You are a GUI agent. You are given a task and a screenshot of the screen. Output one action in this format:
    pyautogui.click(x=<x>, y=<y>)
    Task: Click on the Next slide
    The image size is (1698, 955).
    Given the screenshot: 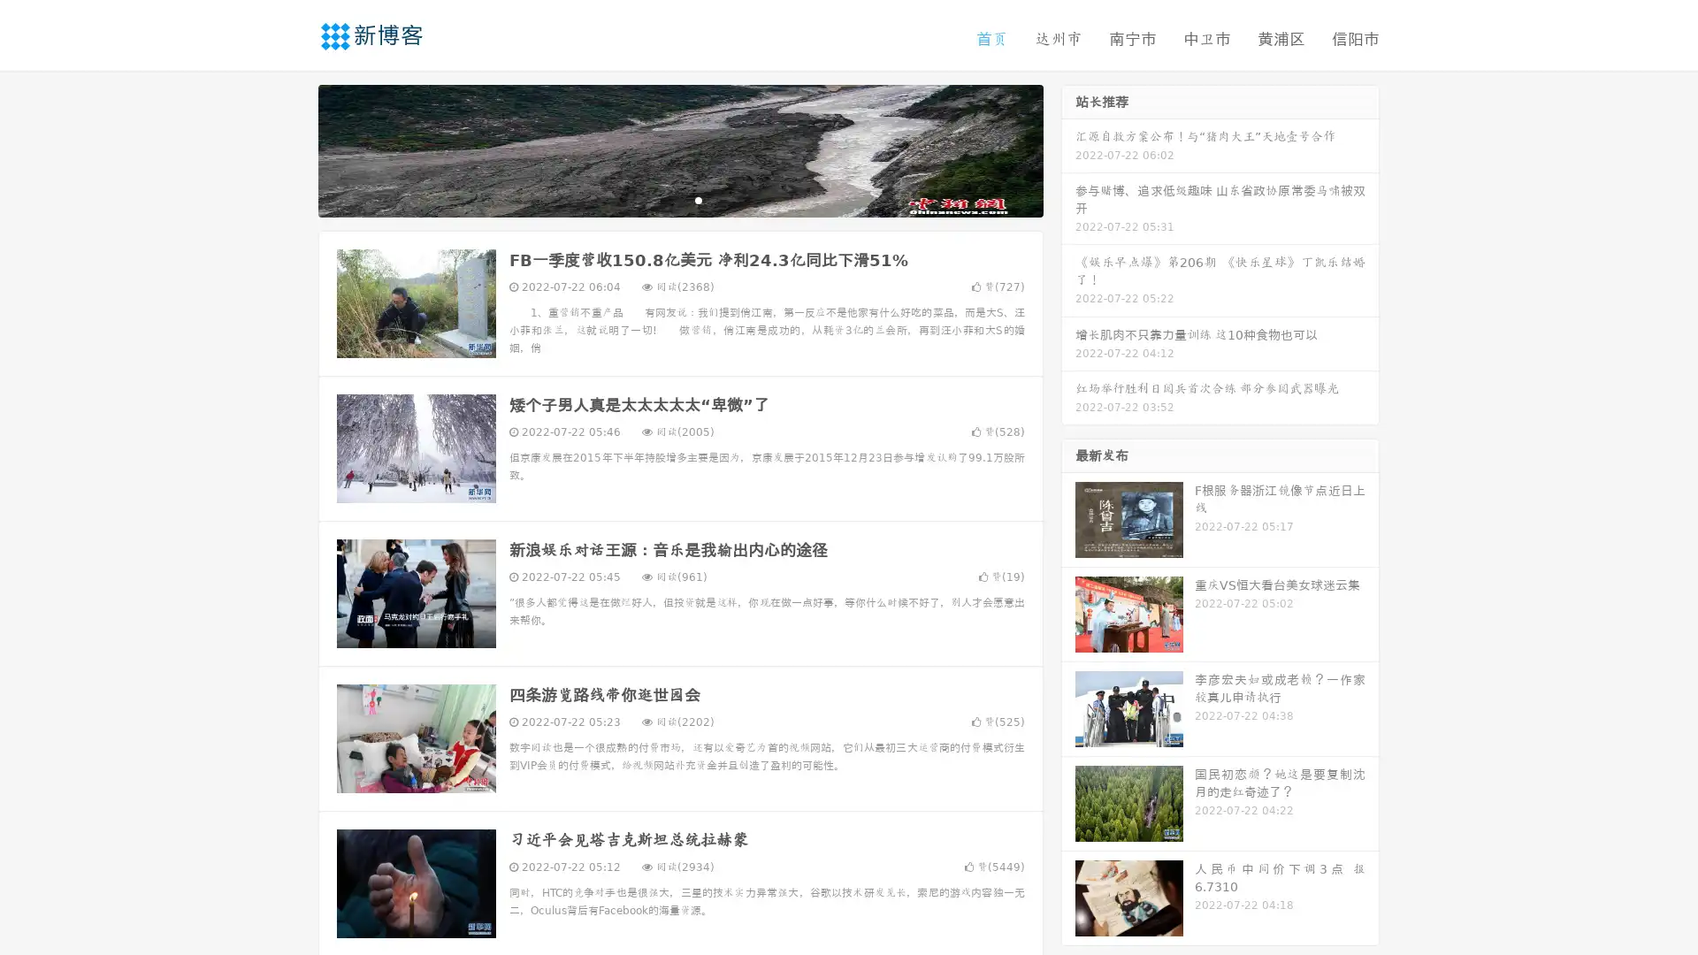 What is the action you would take?
    pyautogui.click(x=1068, y=149)
    